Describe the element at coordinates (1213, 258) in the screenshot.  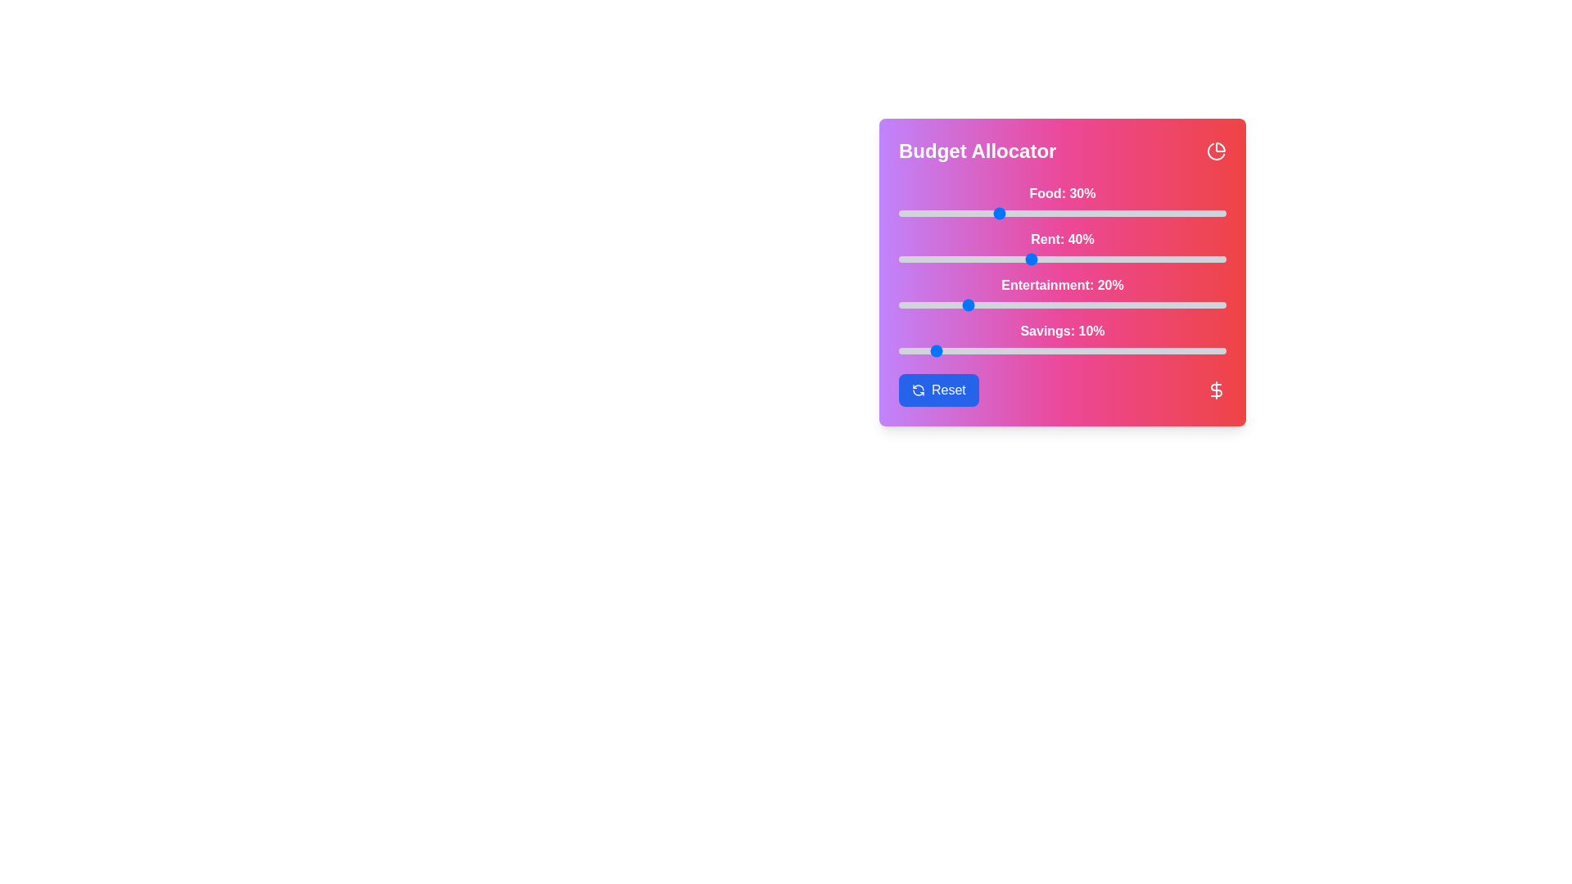
I see `the rent allocation` at that location.